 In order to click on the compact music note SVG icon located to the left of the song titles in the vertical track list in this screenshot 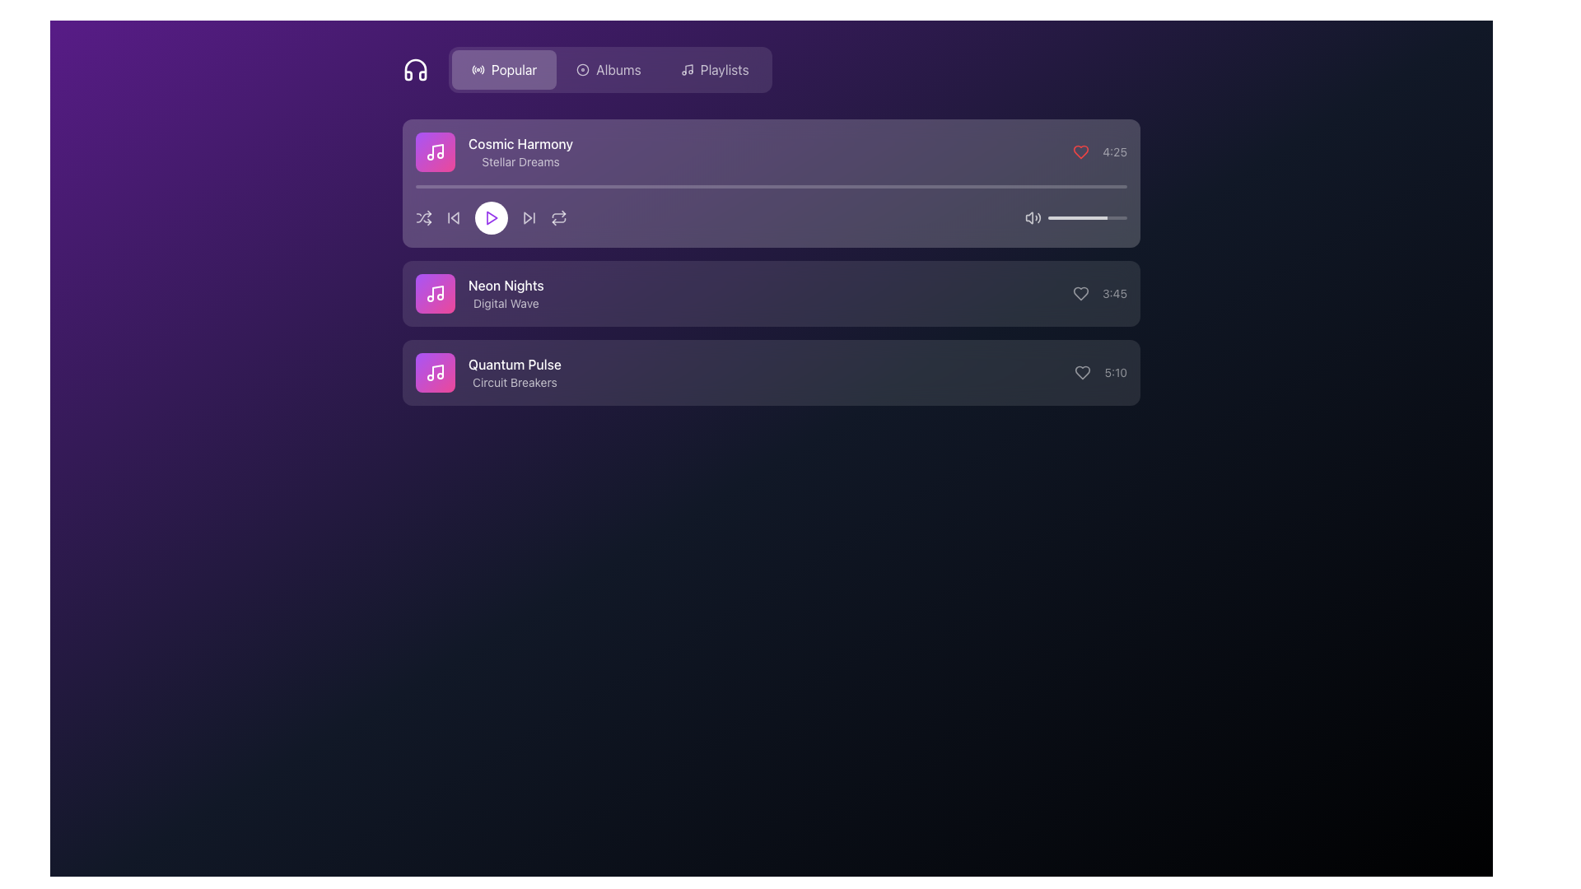, I will do `click(438, 291)`.